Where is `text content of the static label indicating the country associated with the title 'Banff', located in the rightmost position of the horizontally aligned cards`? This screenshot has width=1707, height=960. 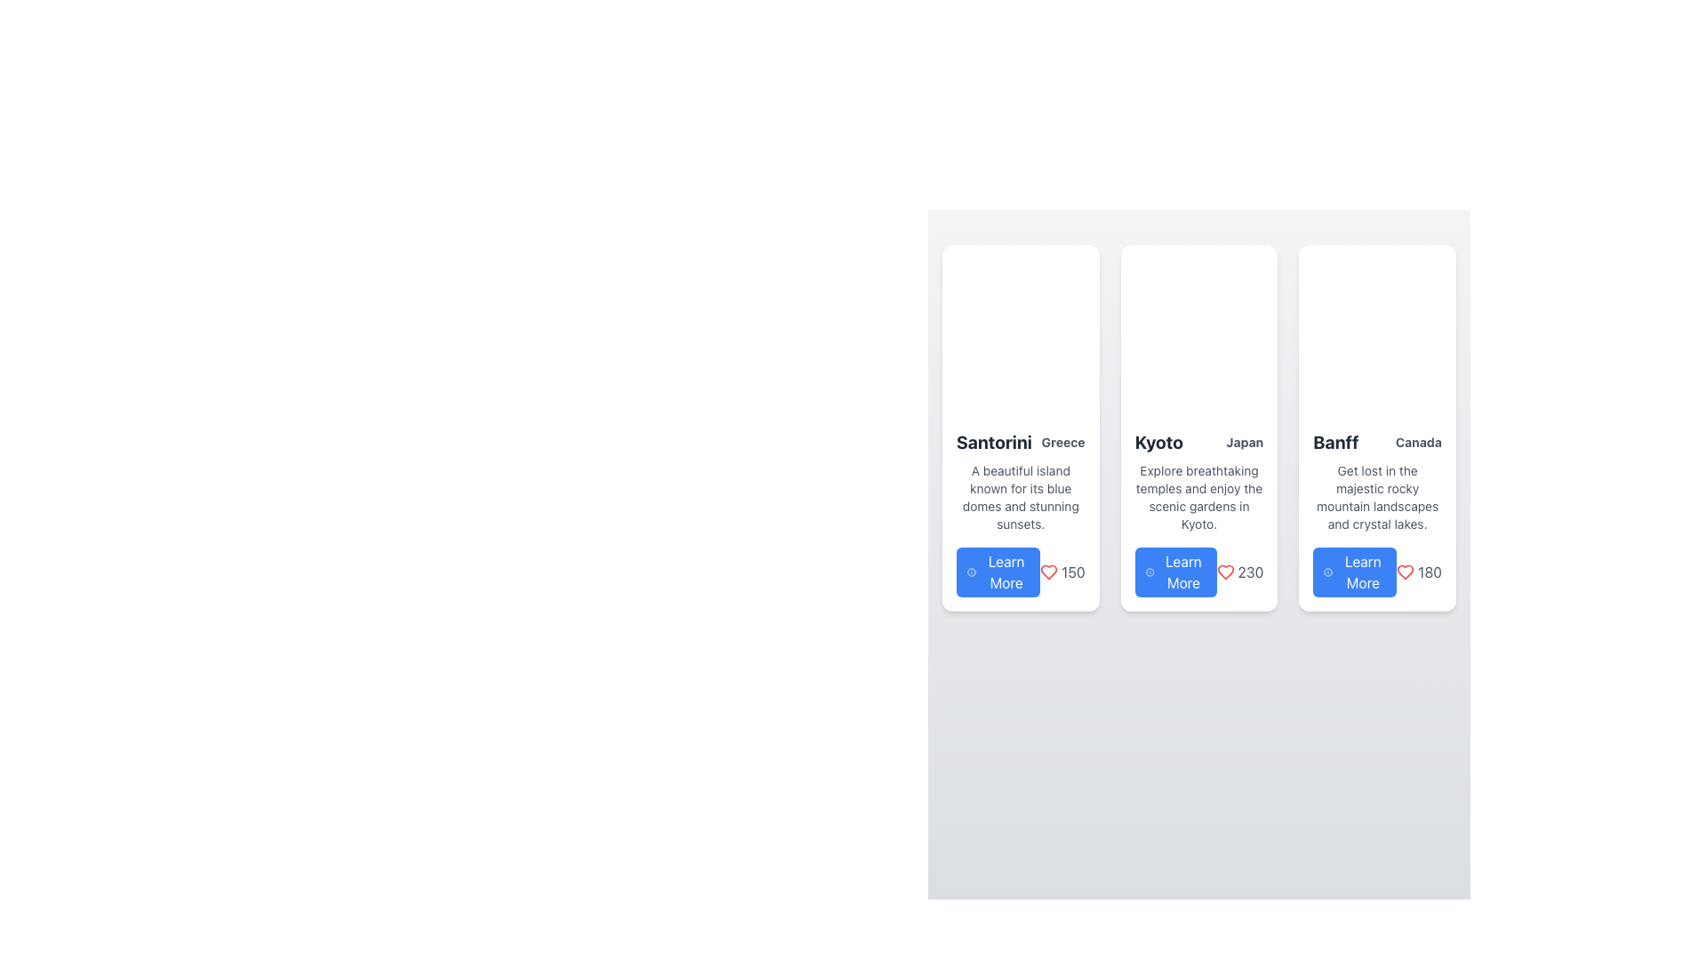
text content of the static label indicating the country associated with the title 'Banff', located in the rightmost position of the horizontally aligned cards is located at coordinates (1417, 441).